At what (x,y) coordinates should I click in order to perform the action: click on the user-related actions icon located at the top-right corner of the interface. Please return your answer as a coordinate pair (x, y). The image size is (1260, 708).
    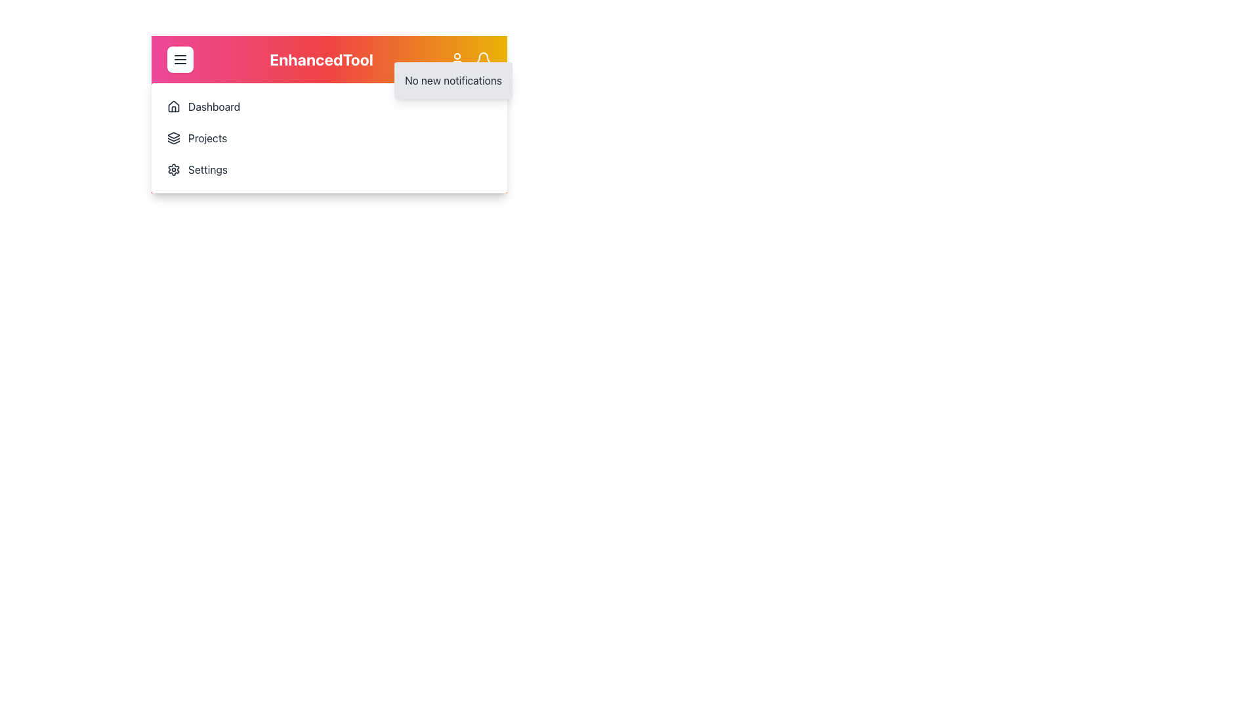
    Looking at the image, I should click on (457, 60).